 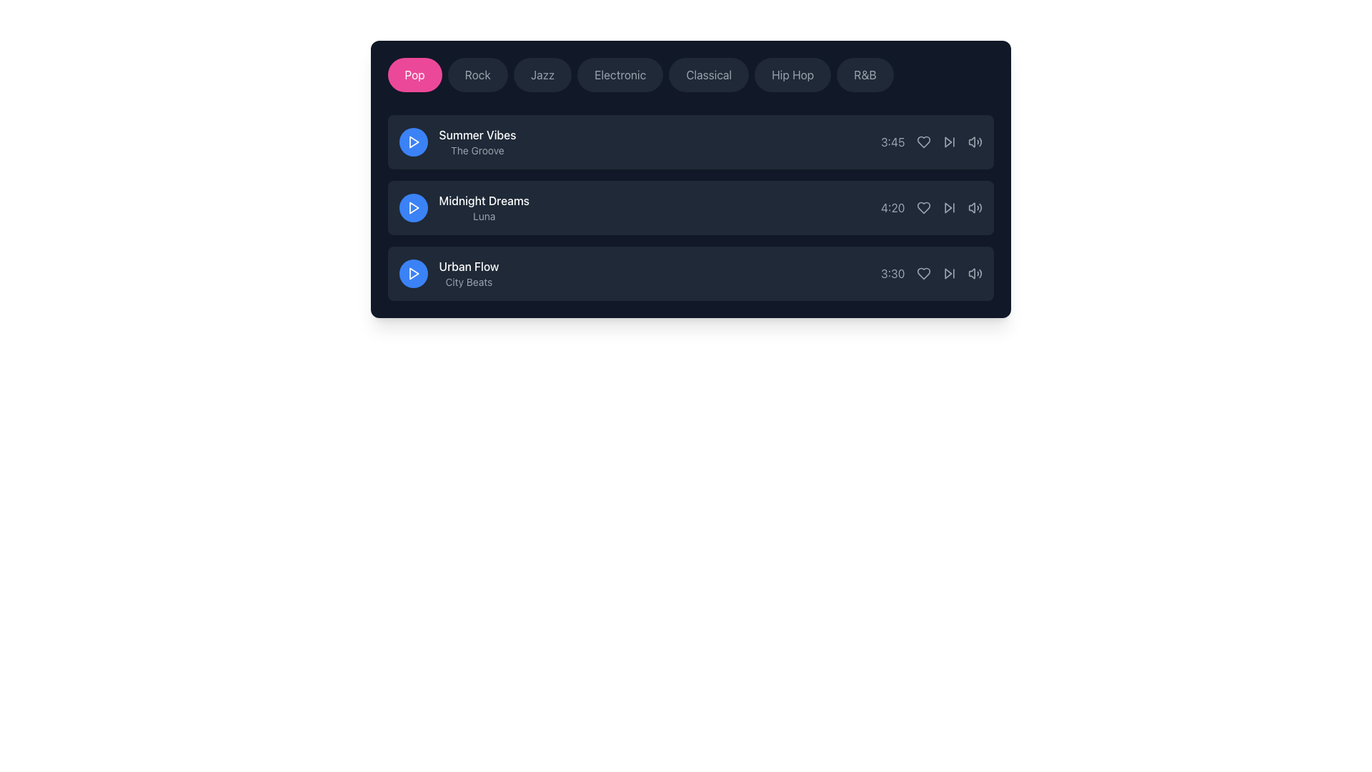 I want to click on the triangular play button icon located at the top-right part of the third song entry in the list, so click(x=948, y=273).